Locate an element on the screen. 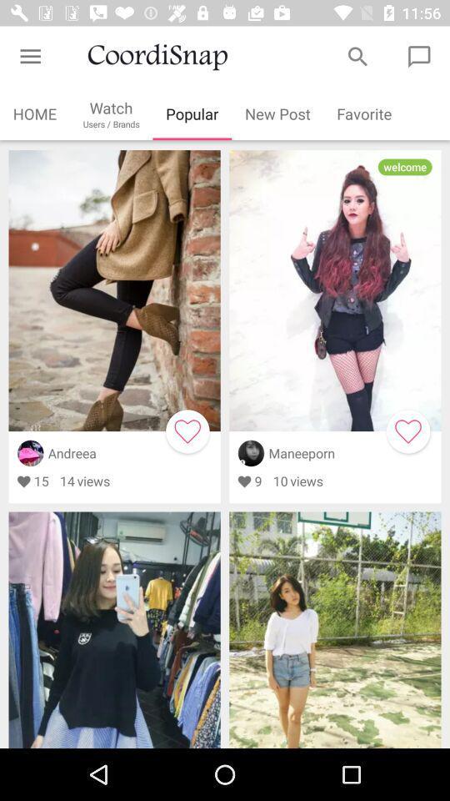 The image size is (450, 801). to favorites is located at coordinates (187, 431).